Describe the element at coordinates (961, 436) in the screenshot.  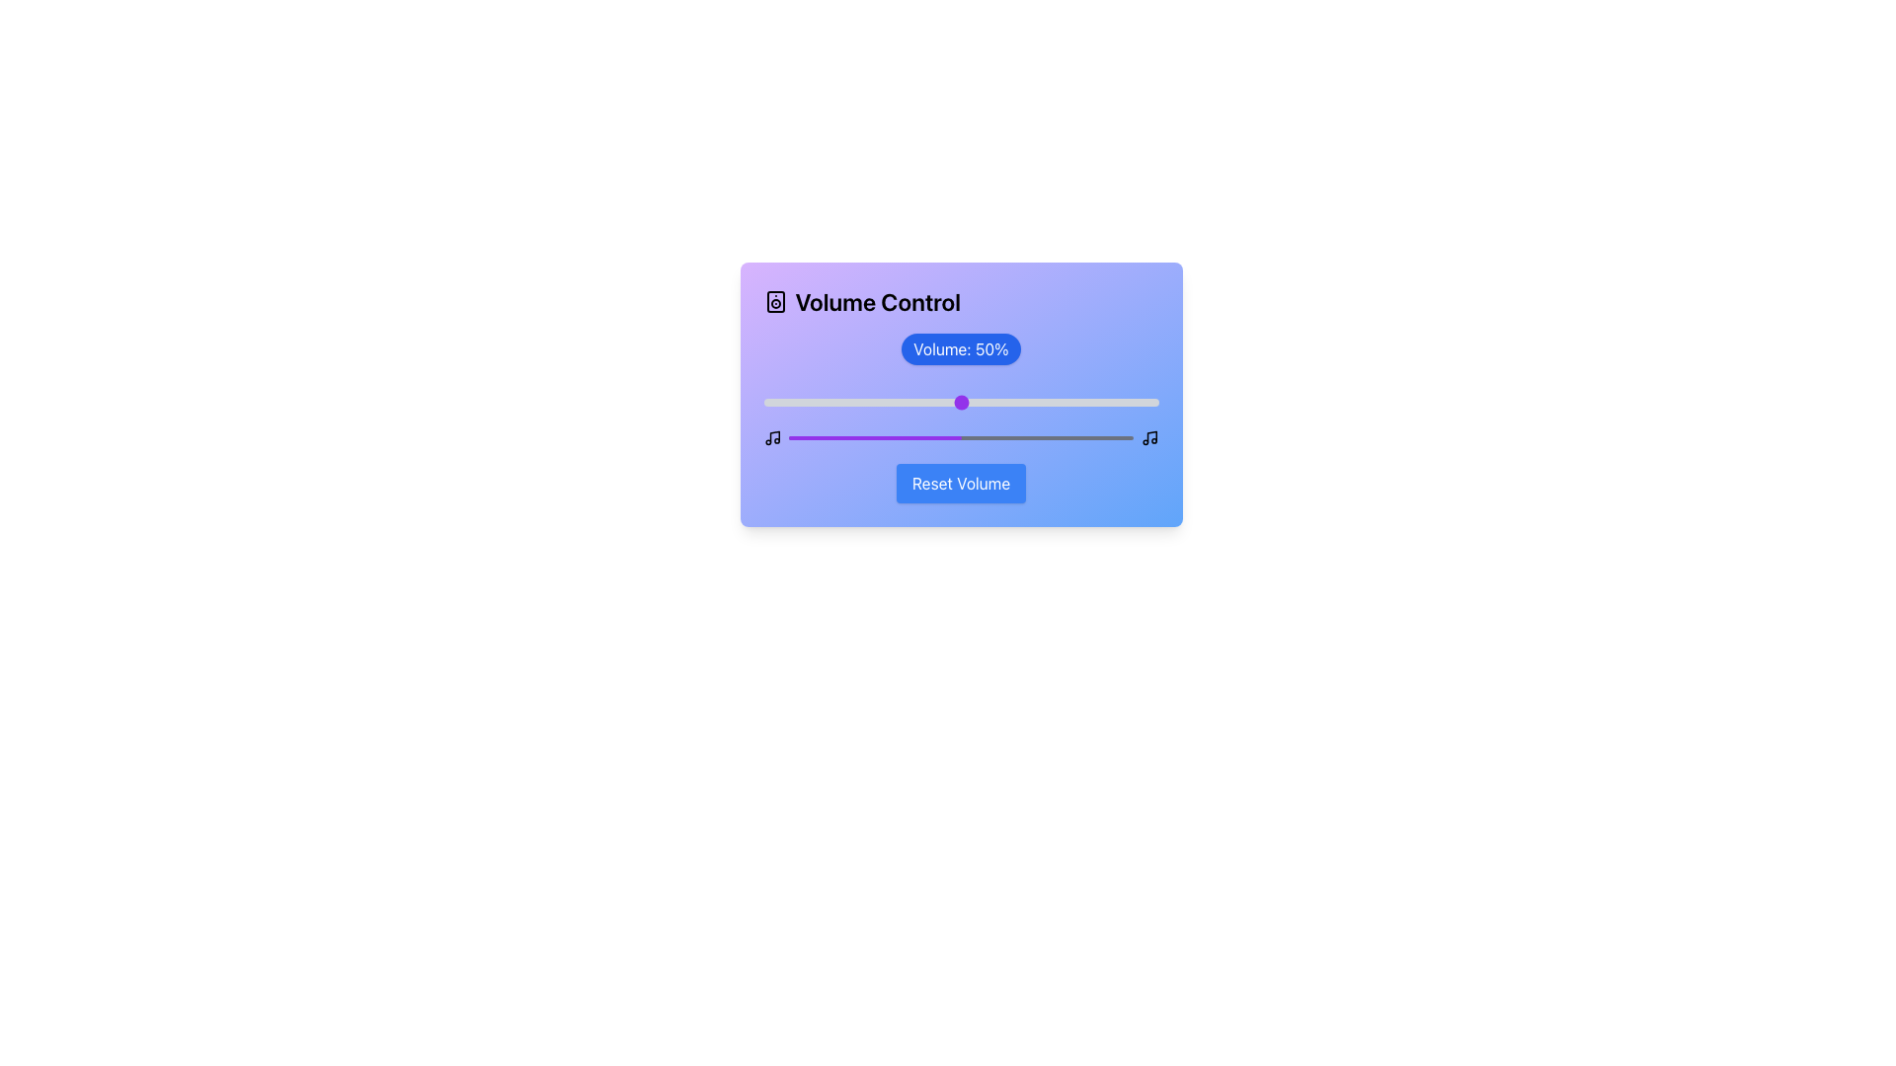
I see `the Progress Bar indicating the current volume level, which is located below the 'Volume: 50%' label and above the 'Reset Volume' button in the 'Volume Control' component` at that location.